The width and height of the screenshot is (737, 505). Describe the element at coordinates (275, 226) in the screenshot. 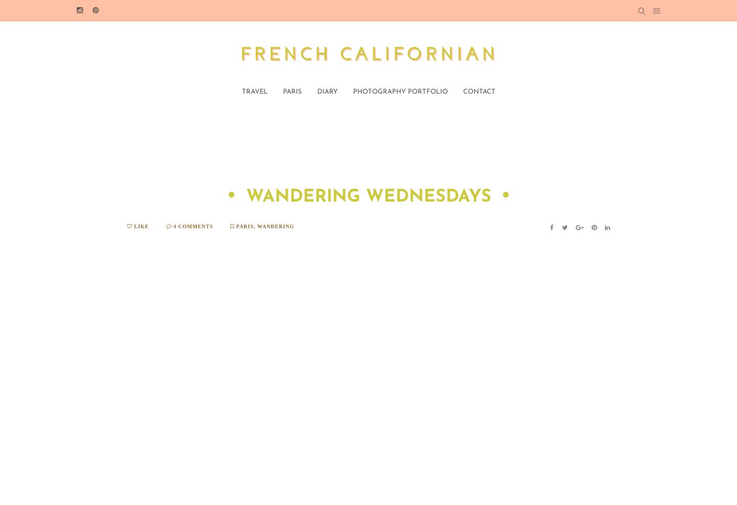

I see `'Wandering'` at that location.